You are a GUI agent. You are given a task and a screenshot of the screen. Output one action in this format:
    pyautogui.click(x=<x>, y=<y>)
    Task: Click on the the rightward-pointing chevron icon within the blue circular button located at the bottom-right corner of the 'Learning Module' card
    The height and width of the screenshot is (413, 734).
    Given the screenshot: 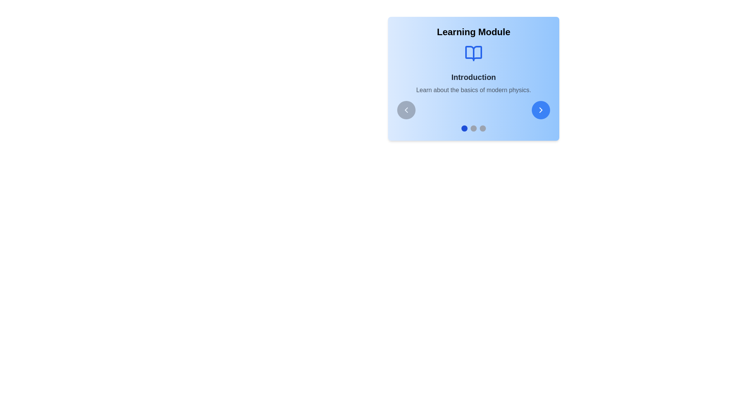 What is the action you would take?
    pyautogui.click(x=541, y=110)
    